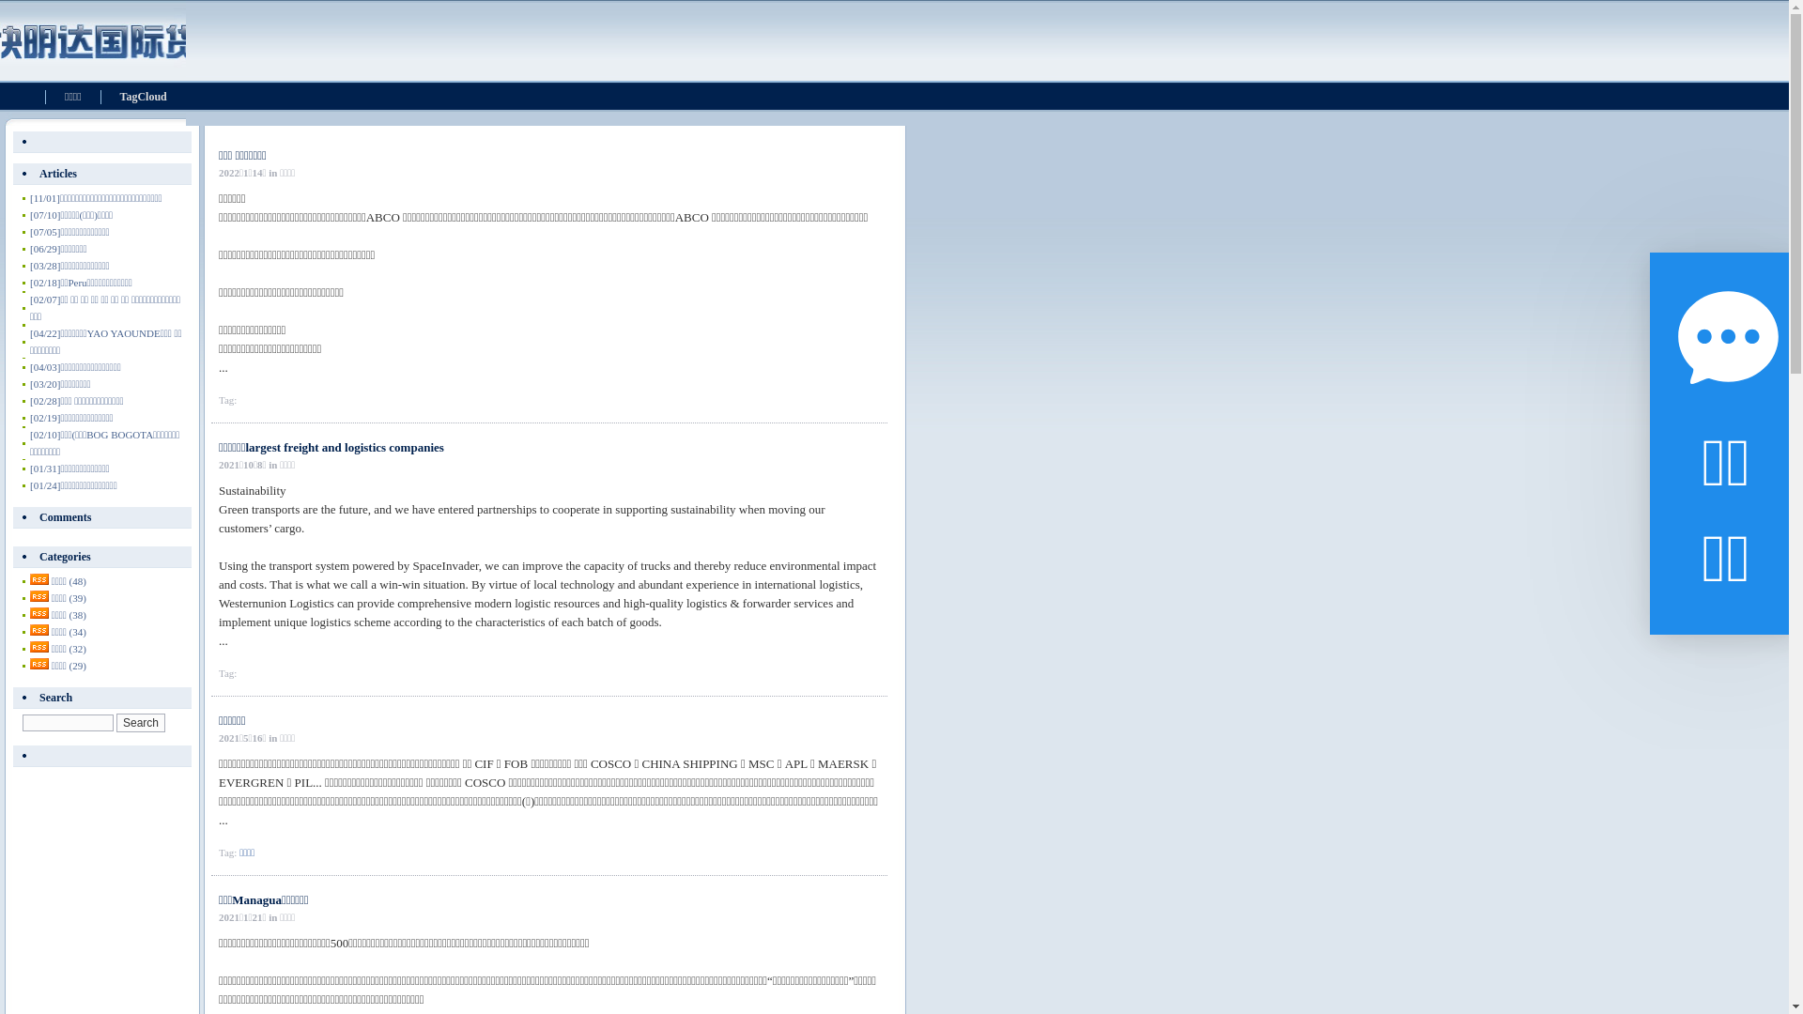 This screenshot has height=1014, width=1803. I want to click on 'rss', so click(39, 662).